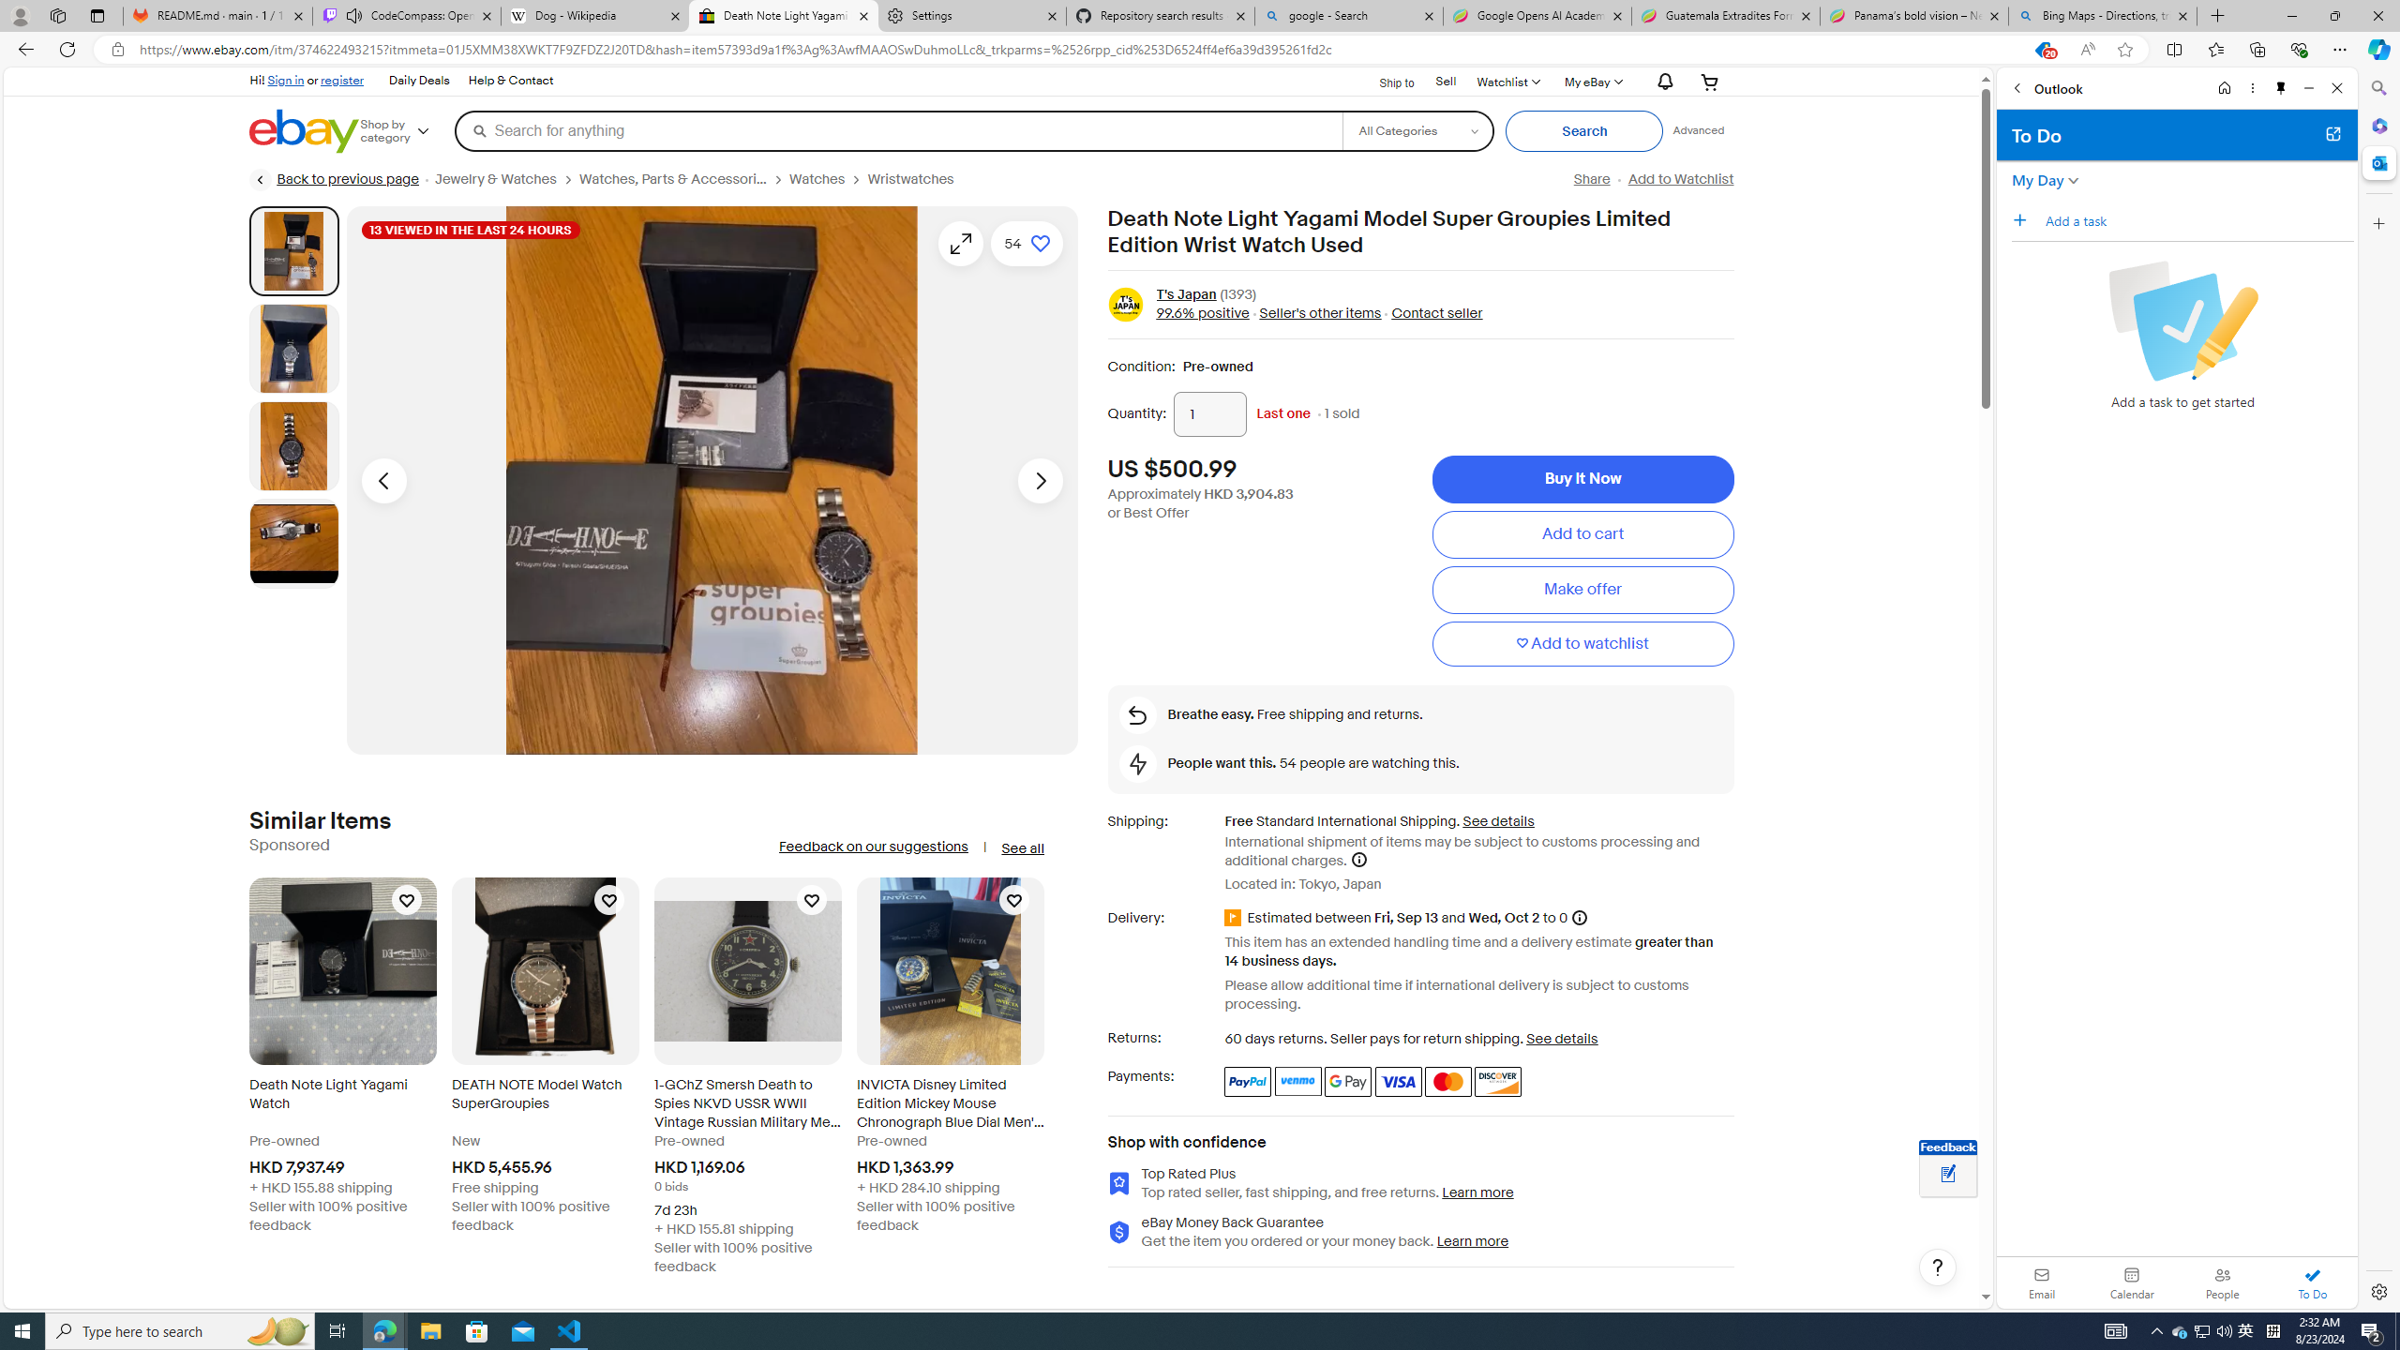 This screenshot has width=2400, height=1350. What do you see at coordinates (1582, 589) in the screenshot?
I see `'Make offer'` at bounding box center [1582, 589].